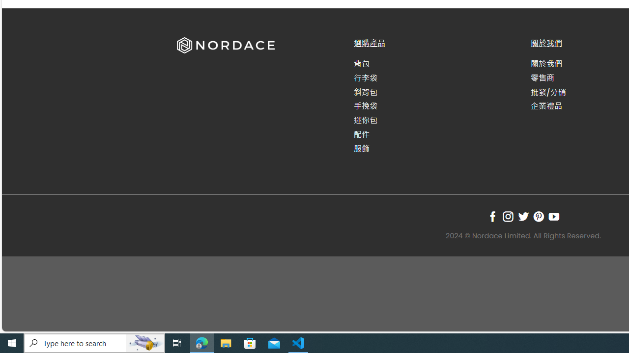 Image resolution: width=629 pixels, height=353 pixels. Describe the element at coordinates (538, 216) in the screenshot. I see `'Follow on Pinterest'` at that location.